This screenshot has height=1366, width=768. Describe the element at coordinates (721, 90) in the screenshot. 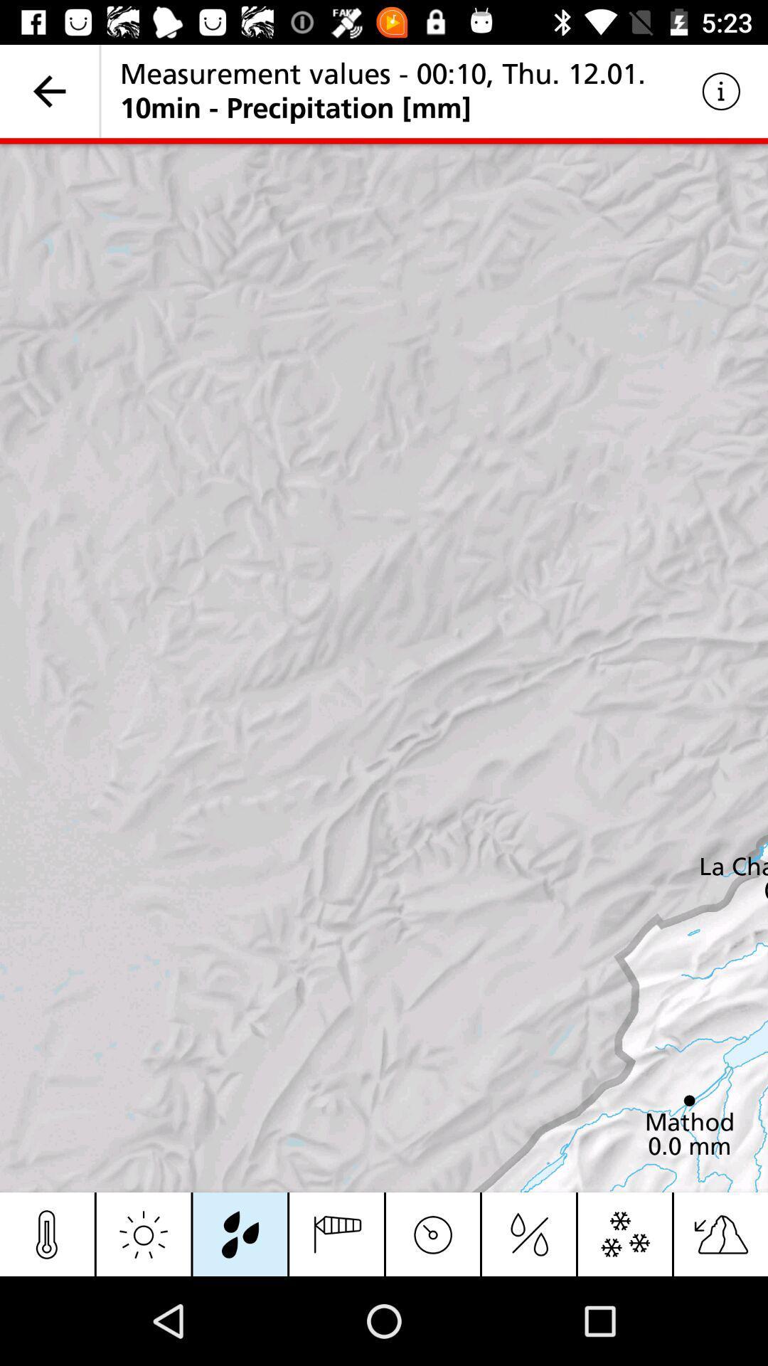

I see `item next to measurement values 00` at that location.